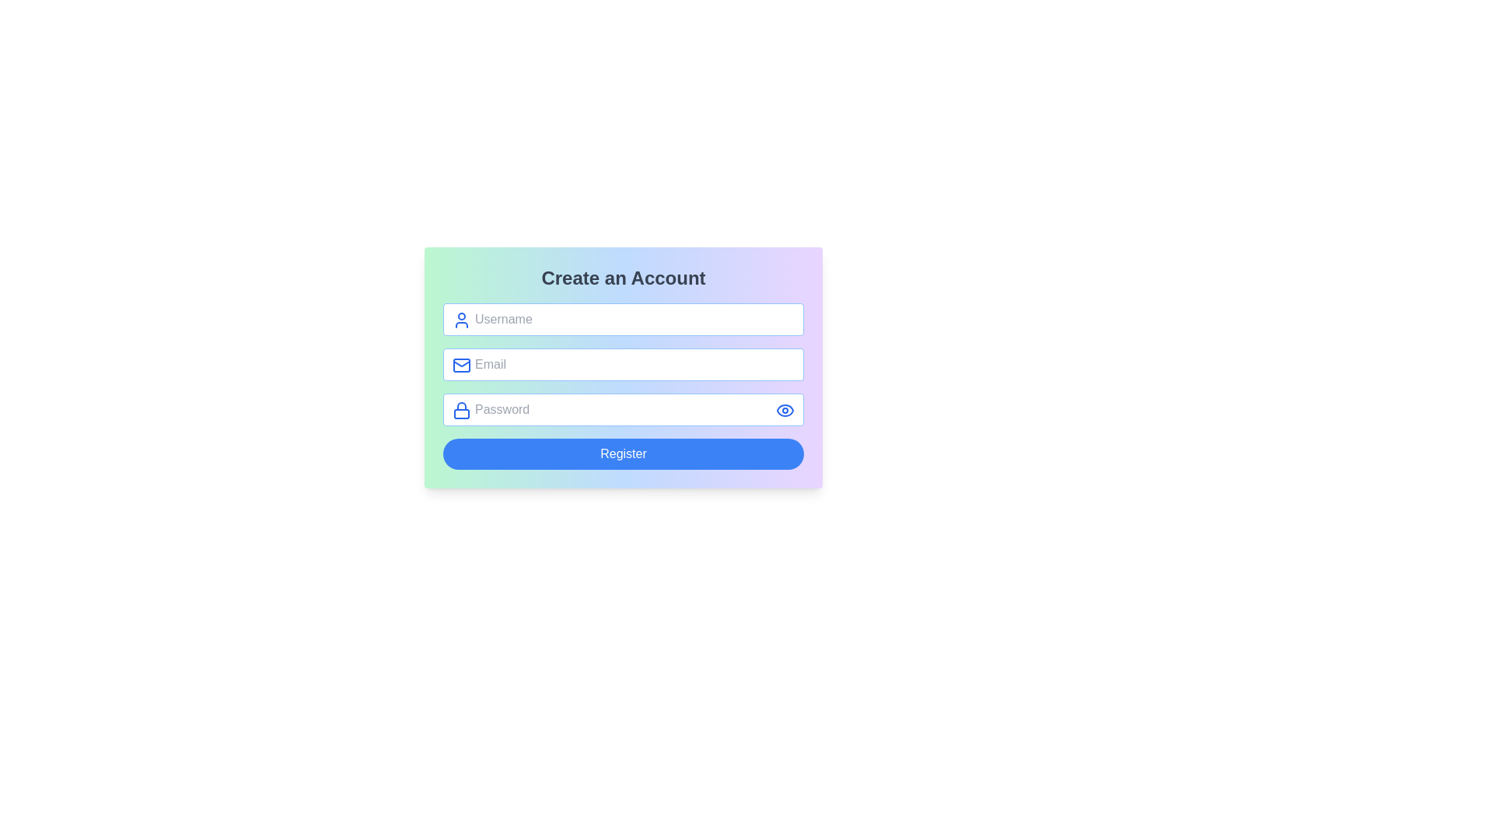  I want to click on the password indicator icon located to the left of the password input field, which visually indicates the purpose of the field, so click(461, 410).